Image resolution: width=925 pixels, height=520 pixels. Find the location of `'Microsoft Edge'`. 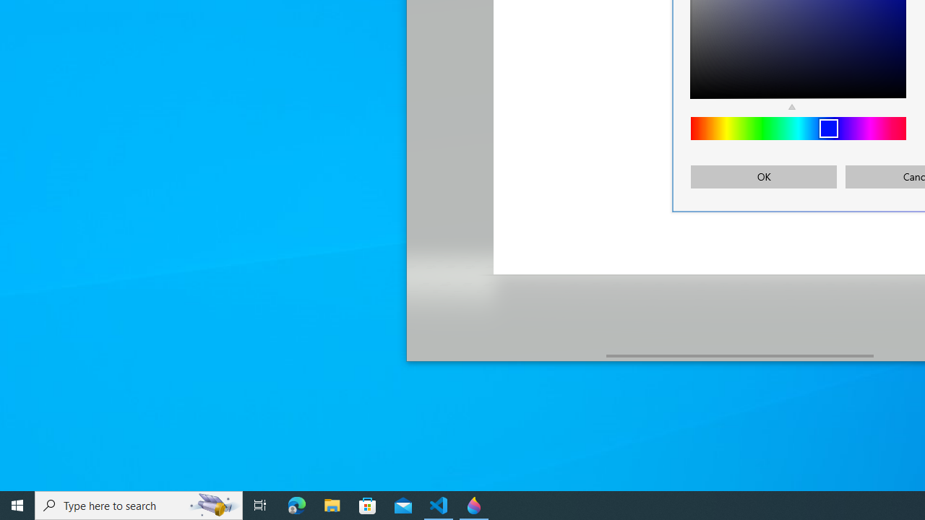

'Microsoft Edge' is located at coordinates (296, 504).